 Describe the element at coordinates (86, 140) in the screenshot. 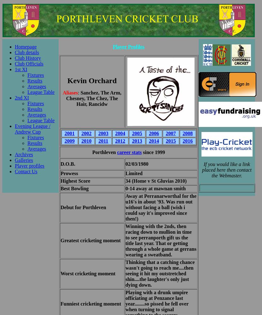

I see `'2010'` at that location.